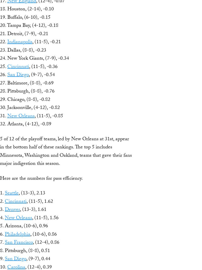  I want to click on '27. Baltimore, (8-8), -0.69', so click(27, 83).